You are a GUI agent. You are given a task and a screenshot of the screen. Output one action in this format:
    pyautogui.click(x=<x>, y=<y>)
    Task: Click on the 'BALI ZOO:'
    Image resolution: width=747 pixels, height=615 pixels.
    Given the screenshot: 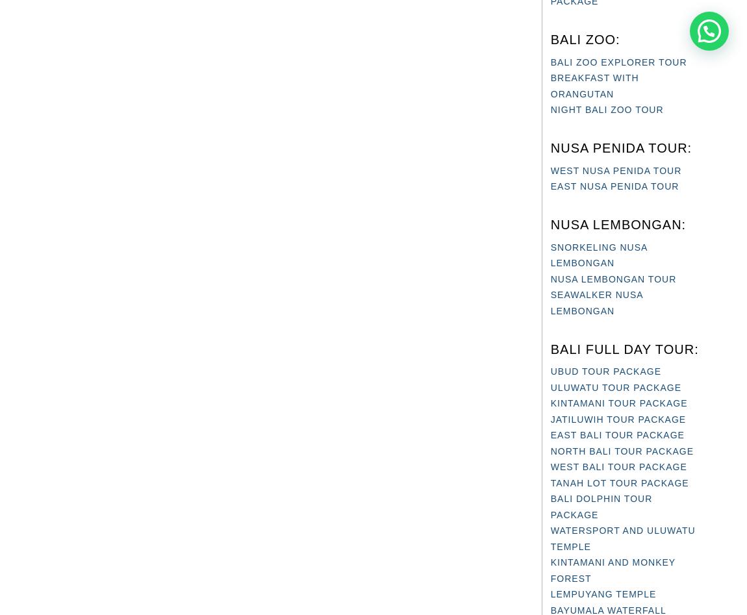 What is the action you would take?
    pyautogui.click(x=585, y=39)
    